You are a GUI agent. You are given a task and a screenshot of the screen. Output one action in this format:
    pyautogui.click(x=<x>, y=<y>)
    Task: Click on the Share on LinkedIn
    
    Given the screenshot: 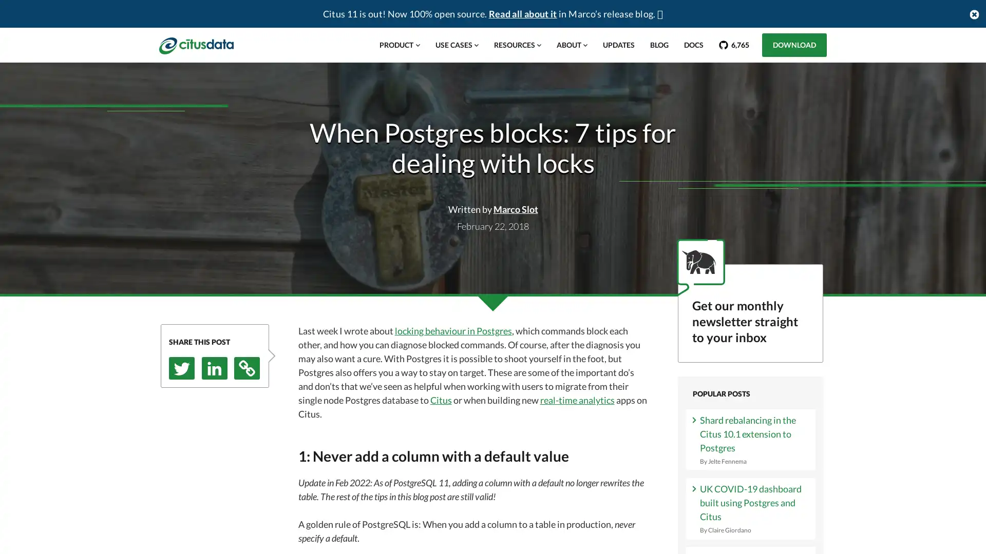 What is the action you would take?
    pyautogui.click(x=214, y=367)
    